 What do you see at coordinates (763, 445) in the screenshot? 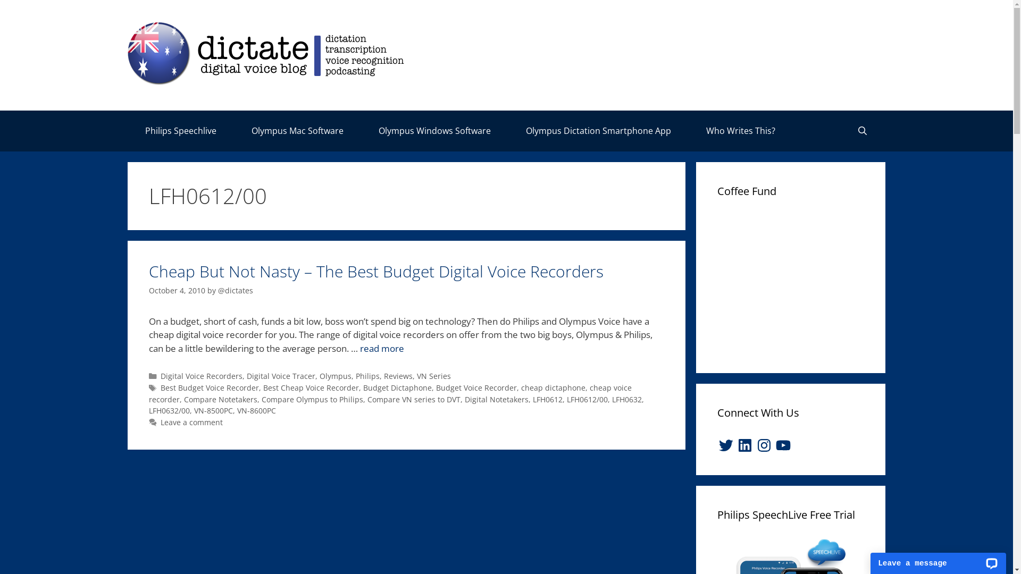
I see `'Instagram'` at bounding box center [763, 445].